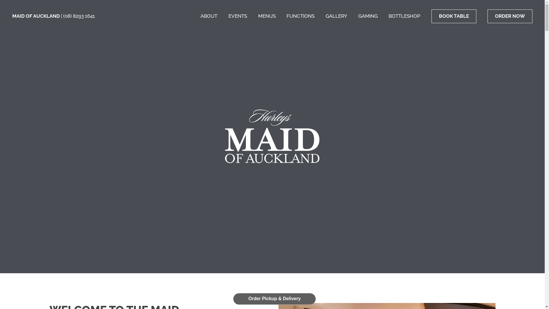 The image size is (549, 309). Describe the element at coordinates (12, 16) in the screenshot. I see `'MAID OF AUCKLAND | (08) 8293 1641'` at that location.